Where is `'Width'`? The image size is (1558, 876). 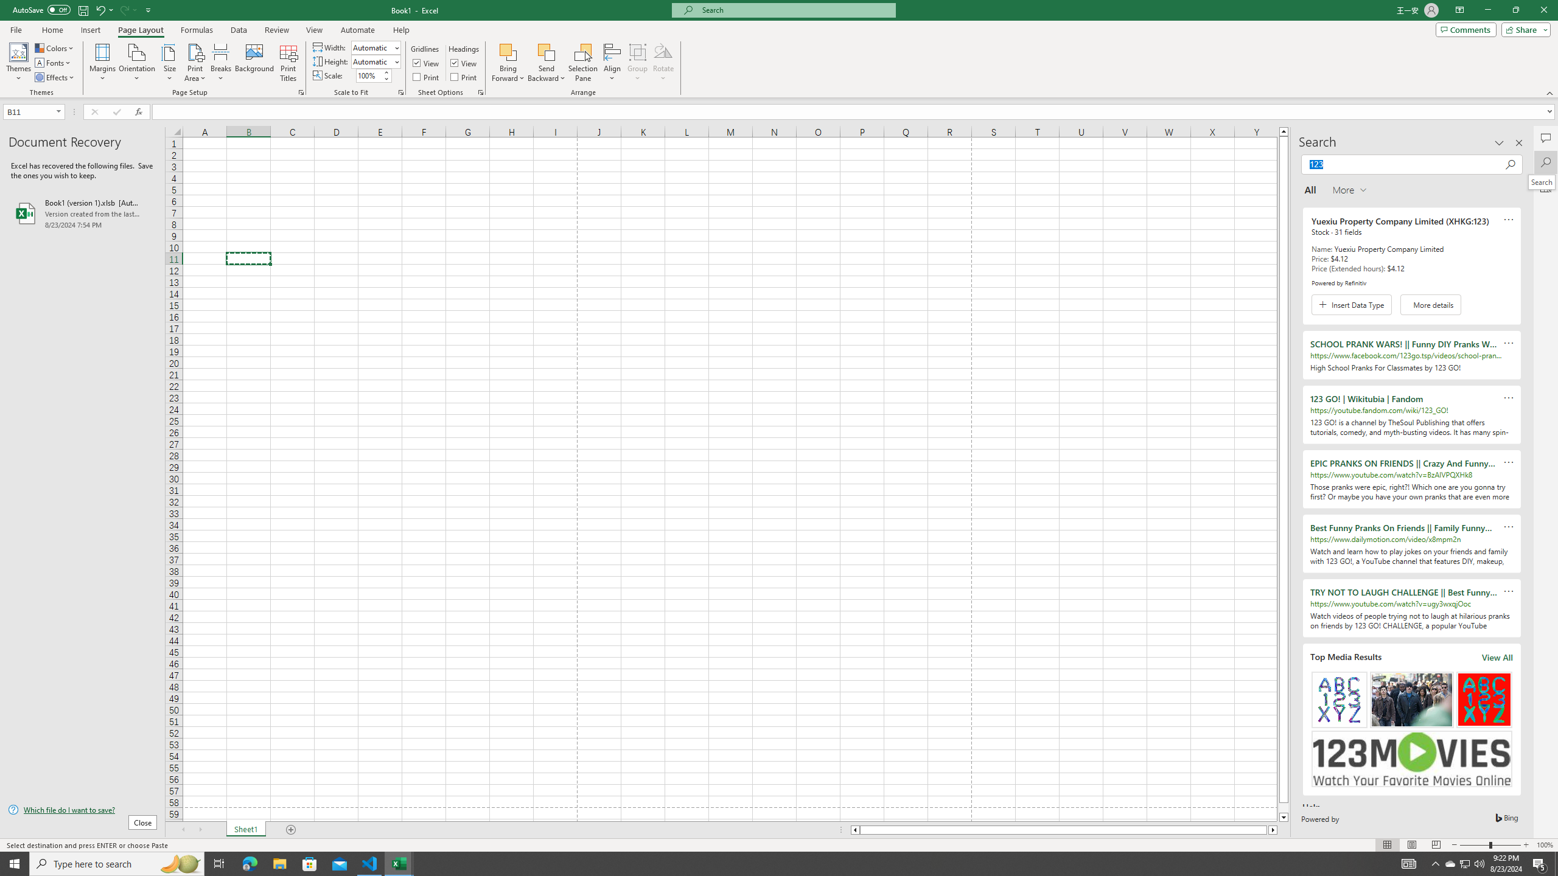
'Width' is located at coordinates (374, 47).